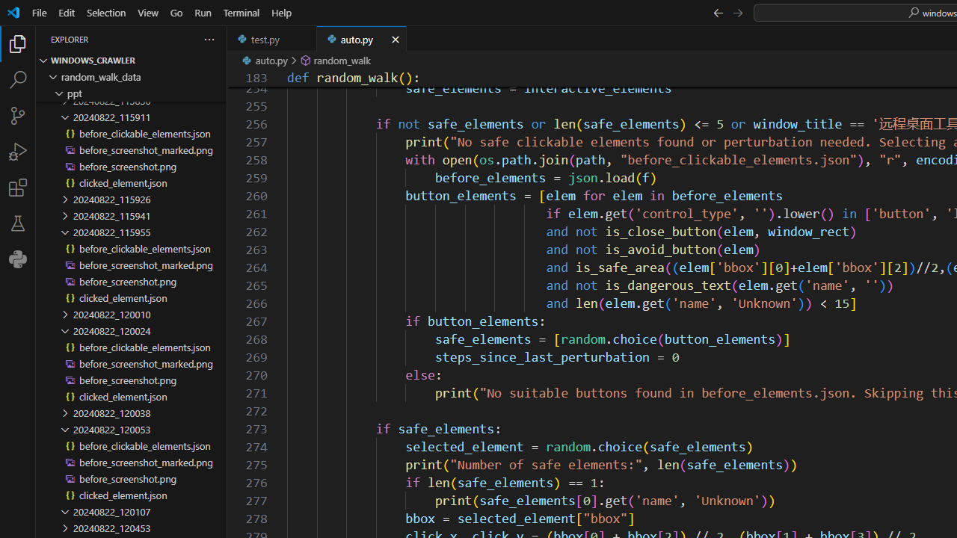 The image size is (957, 538). I want to click on 'Python', so click(18, 259).